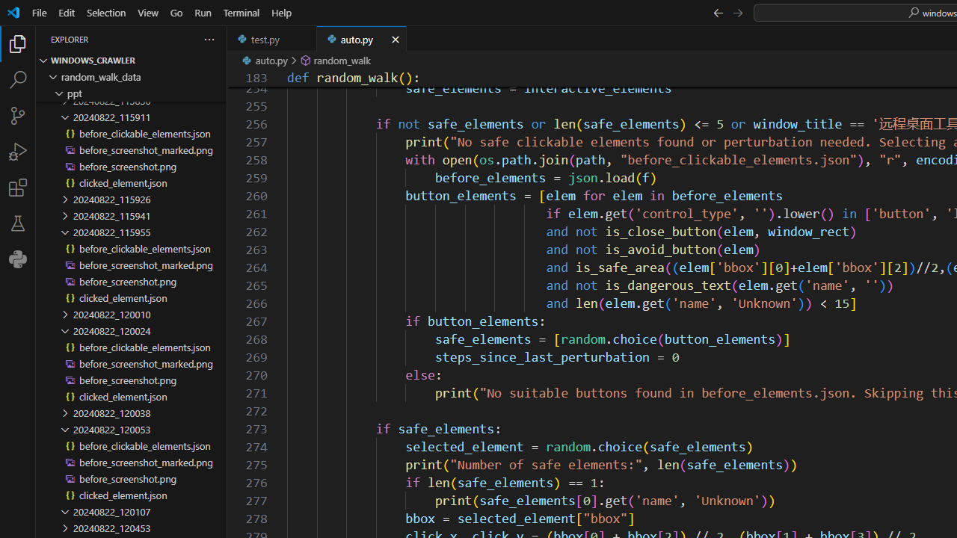 The image size is (957, 538). I want to click on 'Python', so click(18, 259).